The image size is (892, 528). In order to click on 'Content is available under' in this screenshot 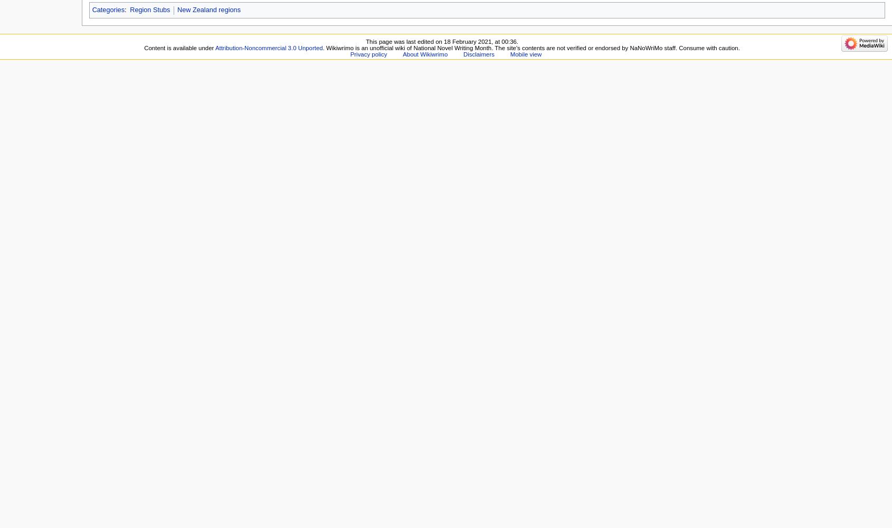, I will do `click(144, 47)`.